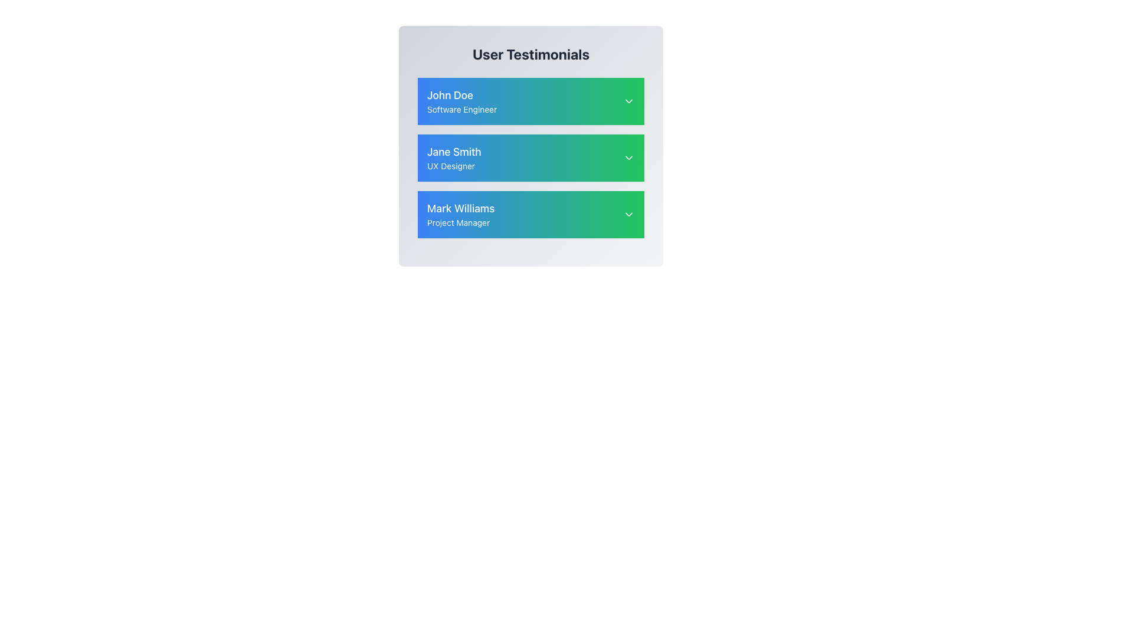 The image size is (1133, 637). I want to click on name and role displayed in the Text Display element located in the 'User Testimonials' section, which is the third entry in a vertically stacked list, so click(460, 214).